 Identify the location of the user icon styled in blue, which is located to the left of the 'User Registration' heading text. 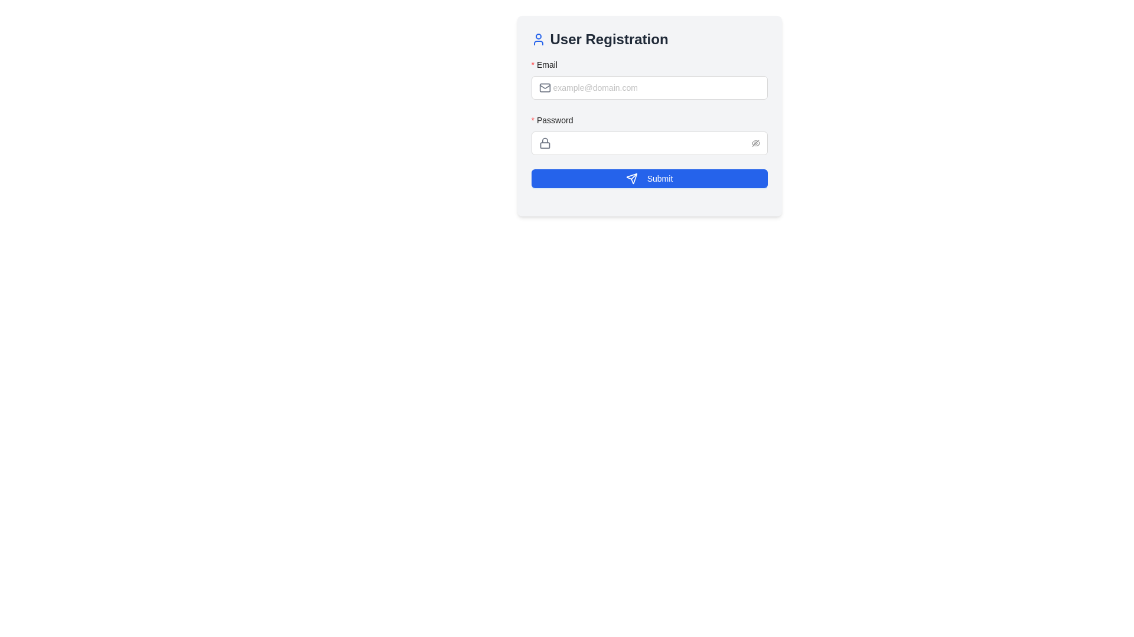
(537, 38).